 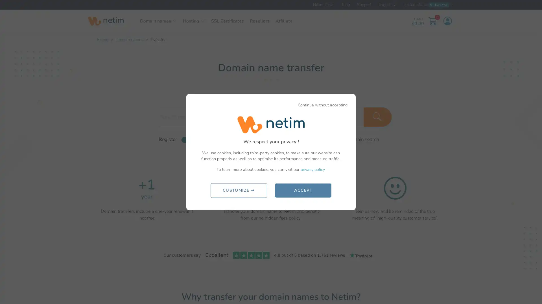 I want to click on CUSTOMIZE, so click(x=238, y=190).